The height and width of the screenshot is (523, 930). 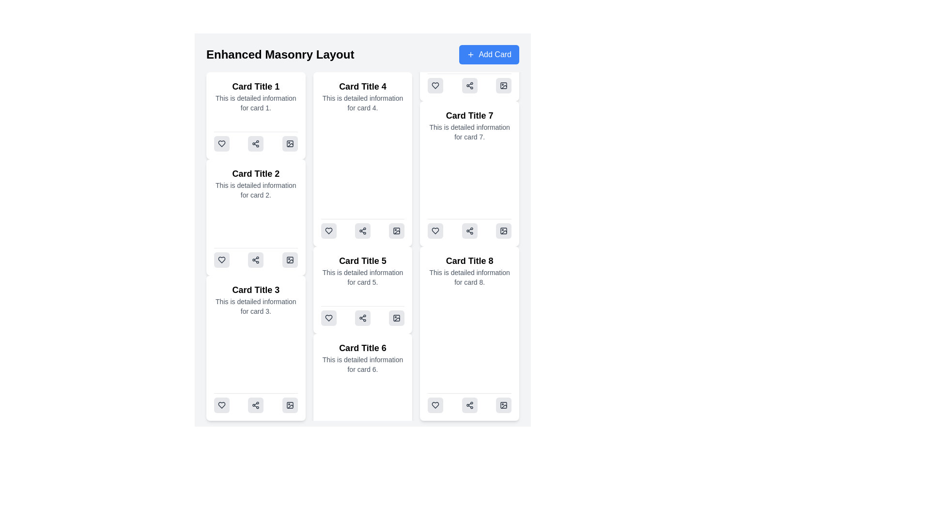 I want to click on the heart icon in 'Card Title 2', so click(x=221, y=144).